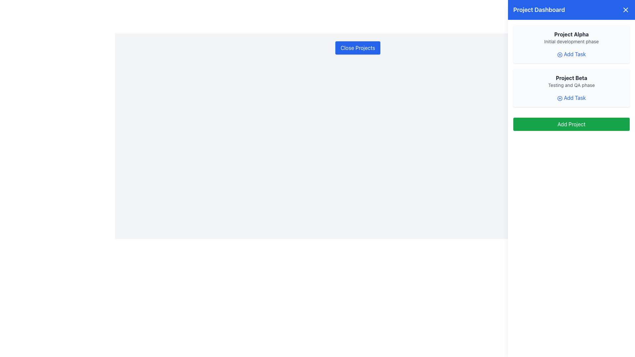  I want to click on the non-interactive text label that provides descriptive information about 'Project Beta', located beneath the heading 'Project Beta' and above the 'Add Task' option, so click(571, 85).